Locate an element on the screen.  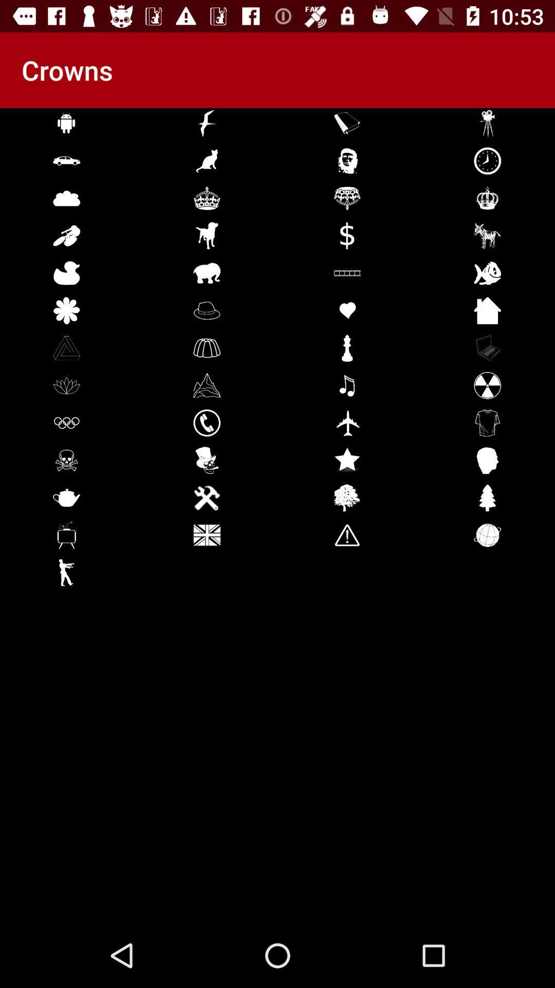
the clock icon is located at coordinates (487, 160).